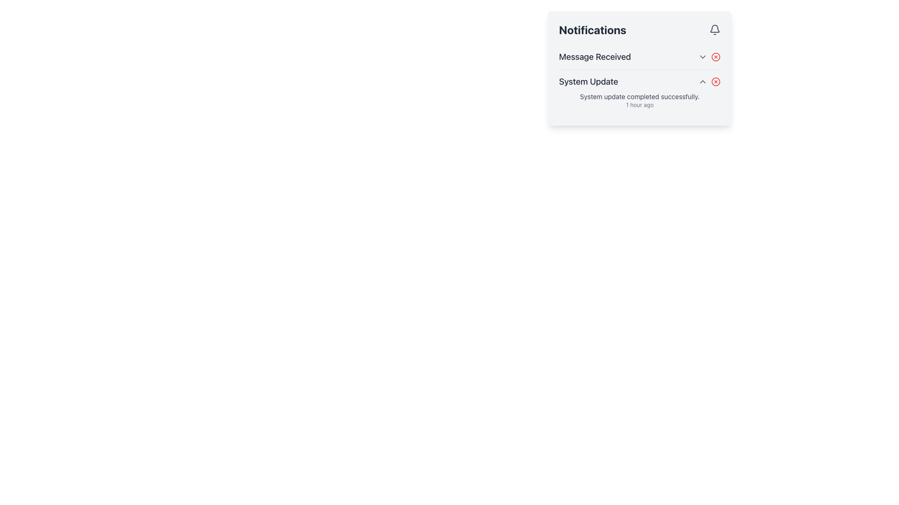 The image size is (899, 505). What do you see at coordinates (715, 56) in the screenshot?
I see `the SVG circle element that visually represents a graphical indicator for notifications, located to the right of the 'Message Received' text` at bounding box center [715, 56].